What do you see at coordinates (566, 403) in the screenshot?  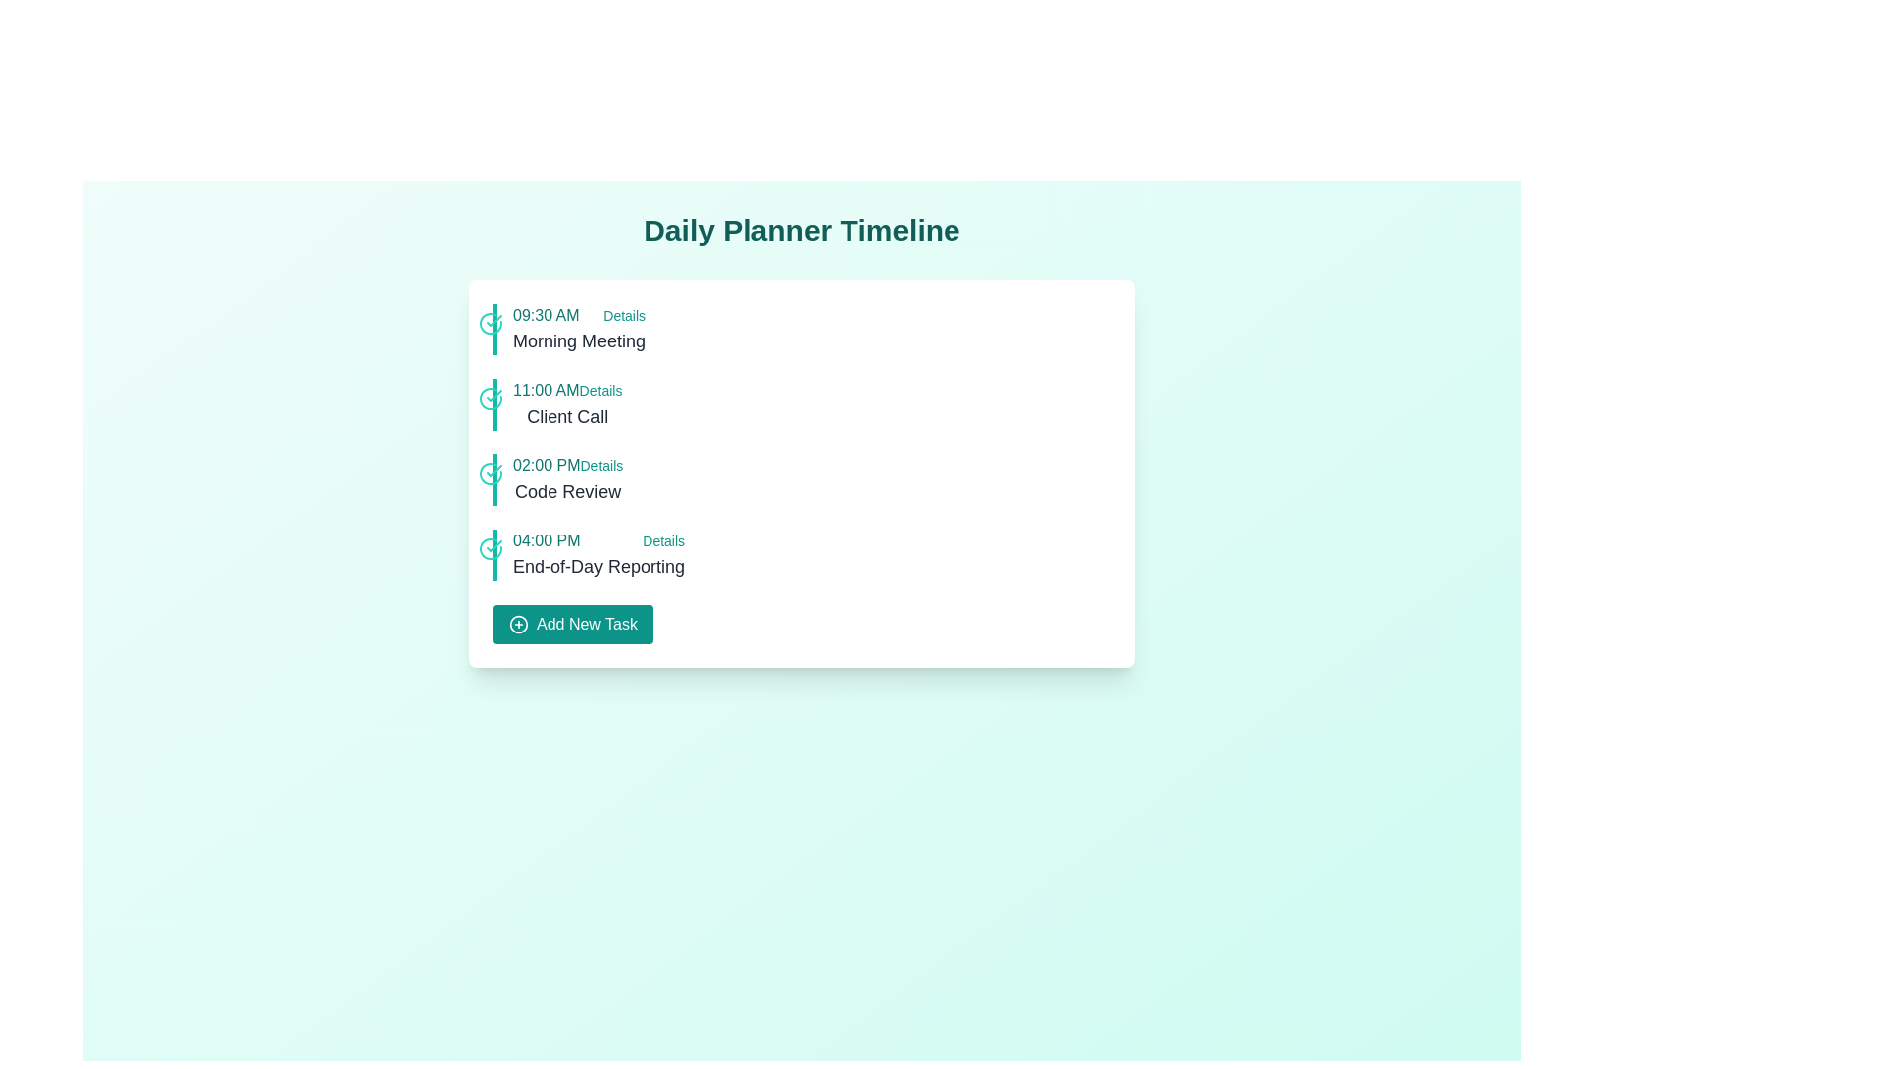 I see `text component displaying appointment details that shows 'Client Call' and 'Details' next to '11:00 AM'` at bounding box center [566, 403].